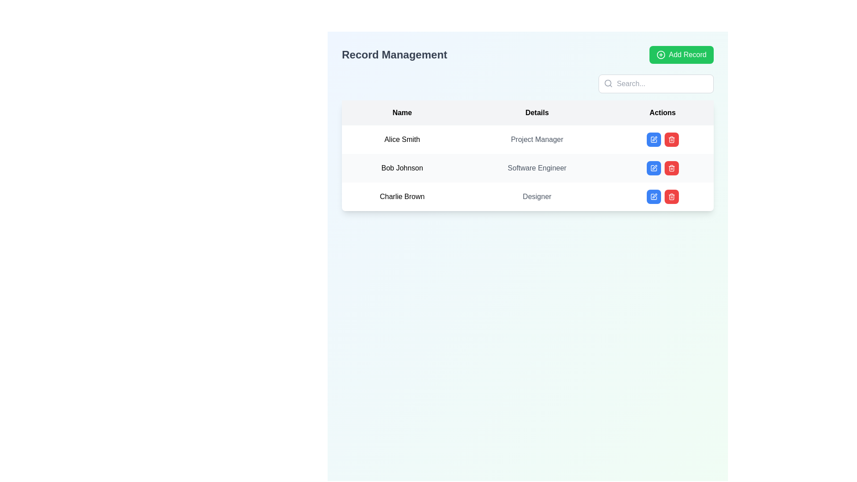 Image resolution: width=857 pixels, height=482 pixels. I want to click on the delete button located in the 'Actions' column of the first row for the 'Alice Smith - Project Manager' record to initiate the delete action, so click(671, 139).